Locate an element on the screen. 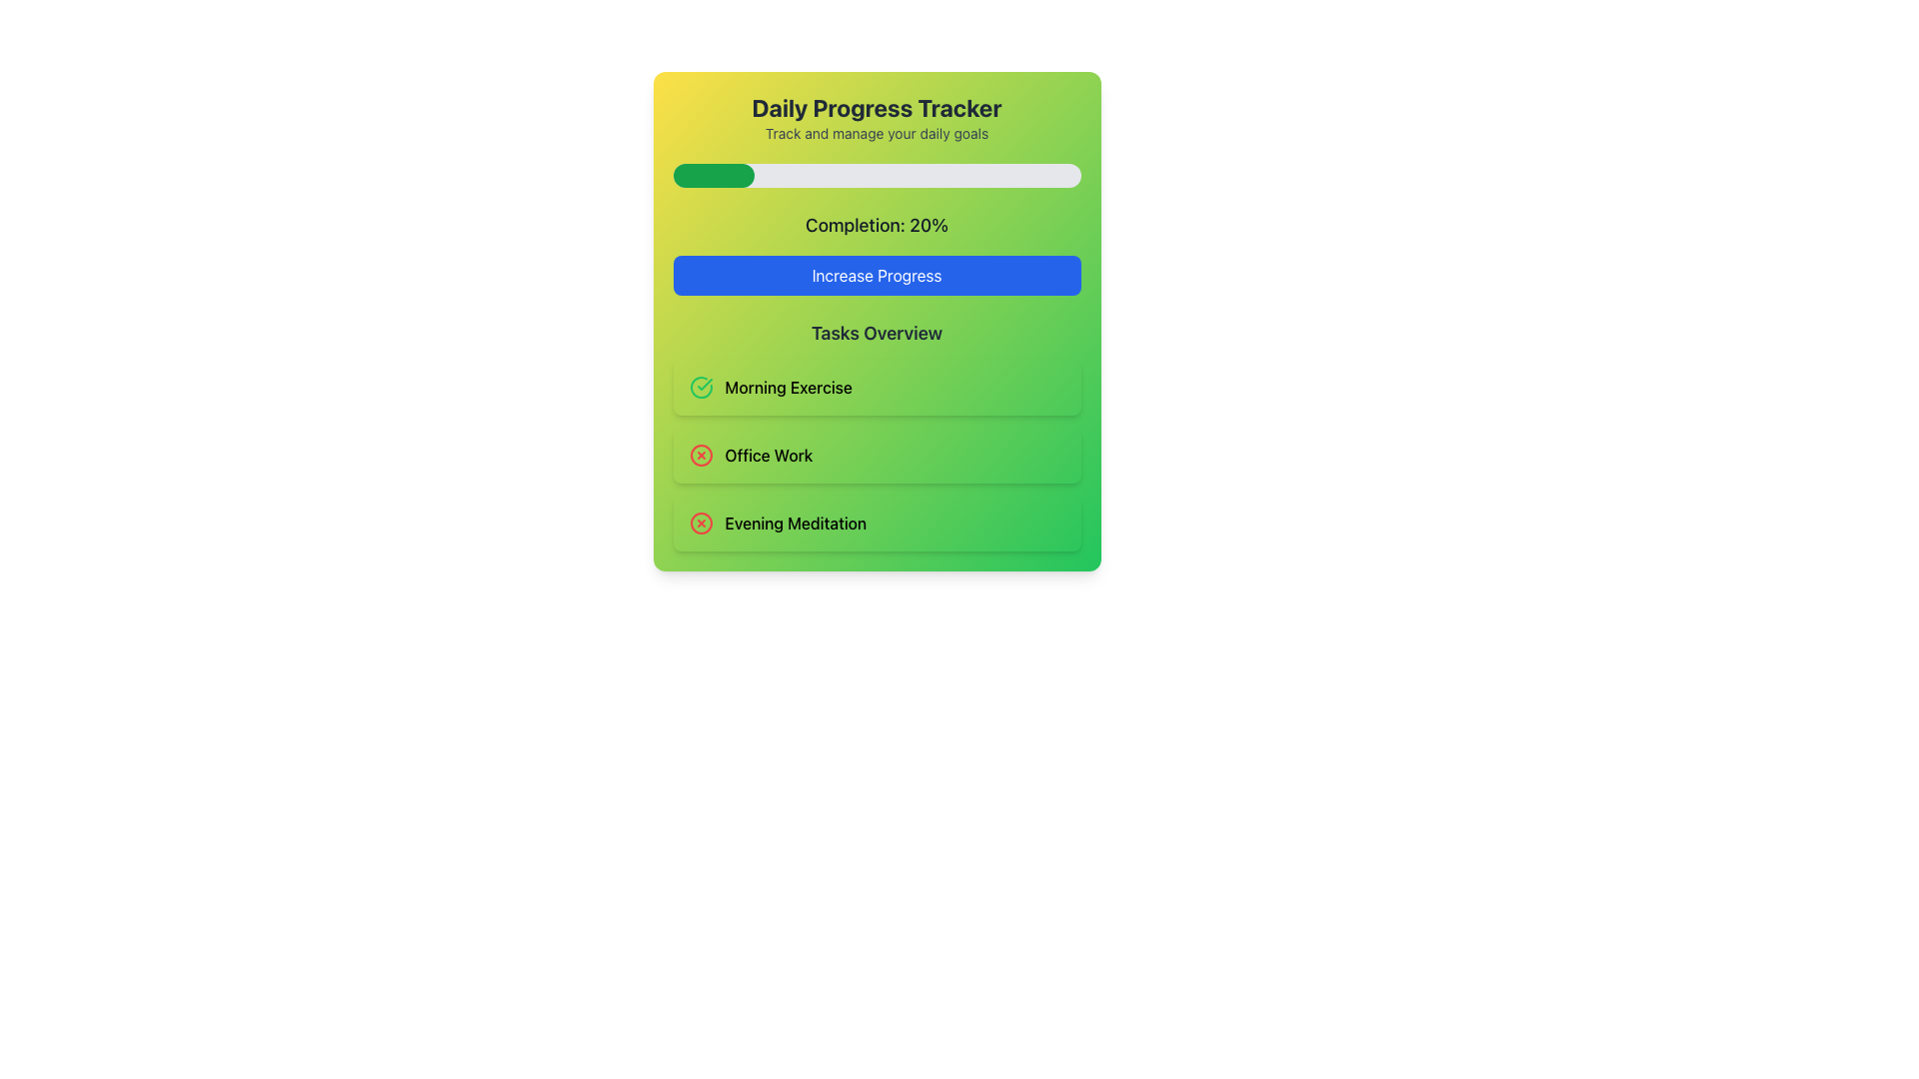 Image resolution: width=1919 pixels, height=1079 pixels. the text label that provides a succinct explanation or subtitle to the primary header 'Daily Progress Tracker', located centrally at the top of the layout below the header text is located at coordinates (877, 134).